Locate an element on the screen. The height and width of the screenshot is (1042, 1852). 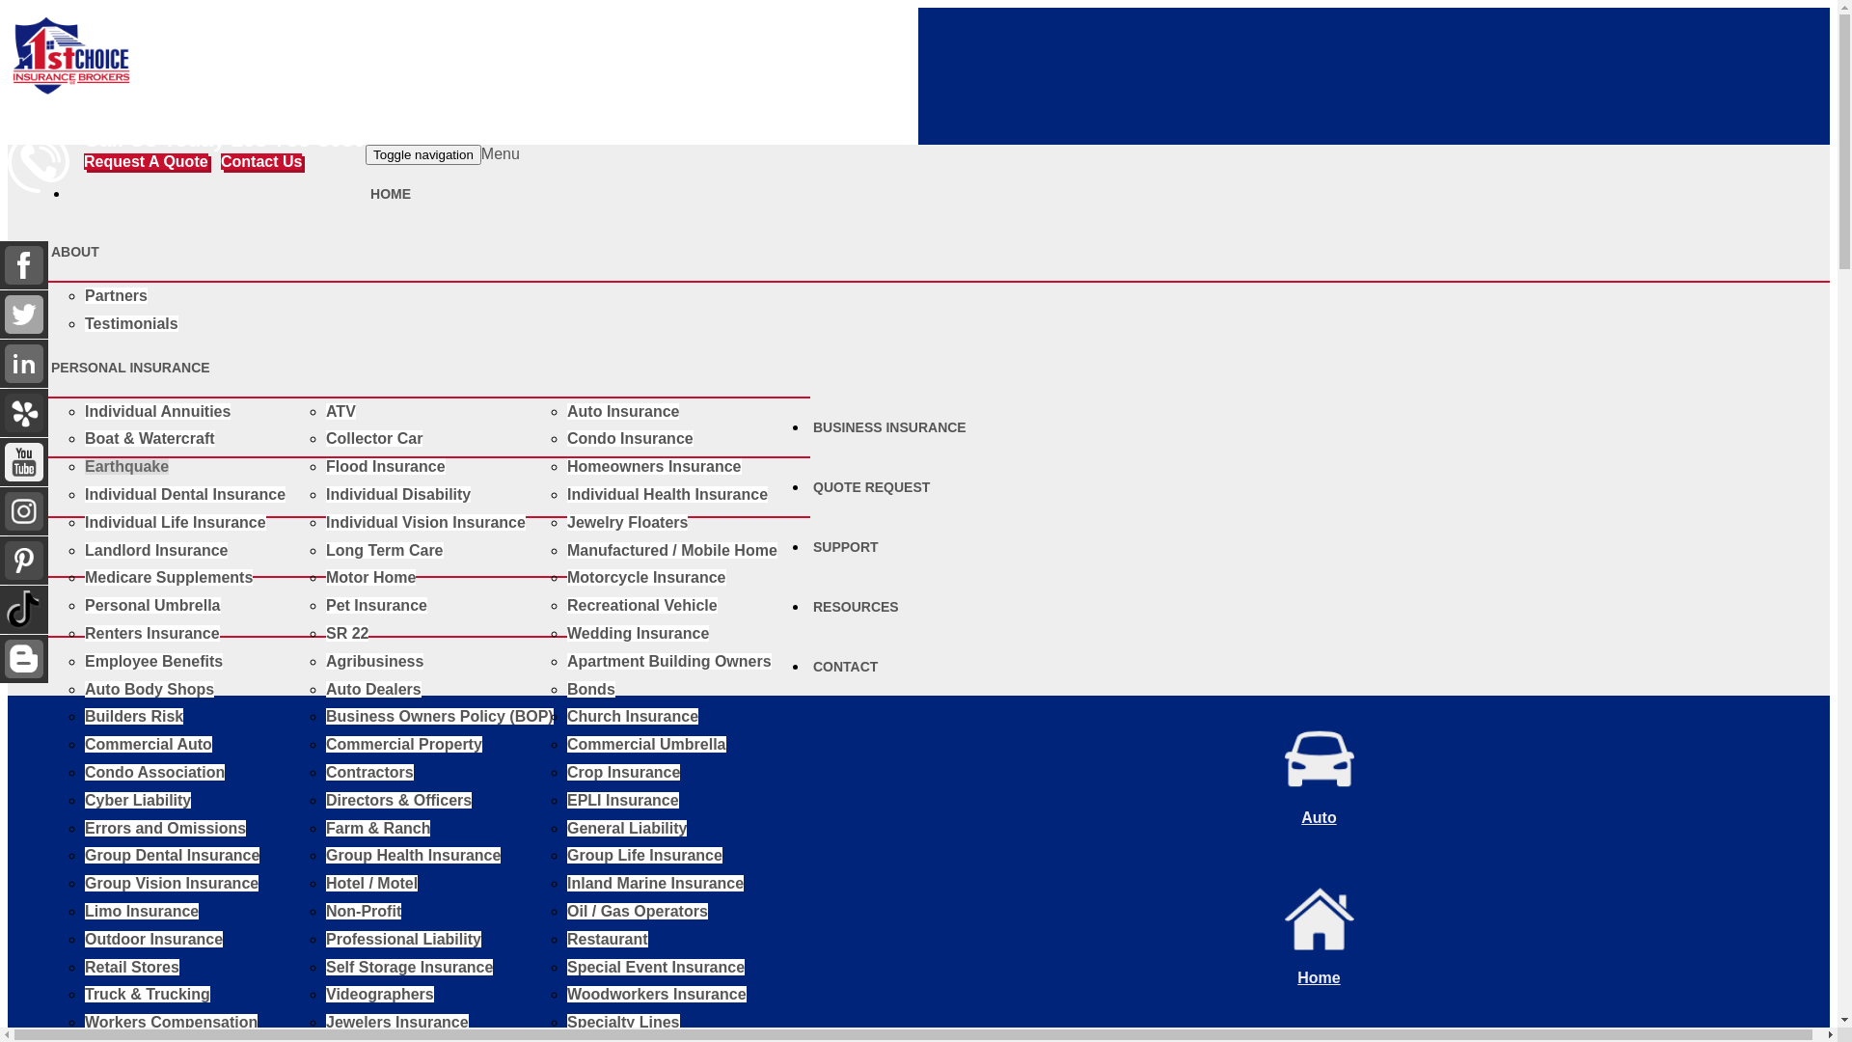
'Videographers' is located at coordinates (379, 994).